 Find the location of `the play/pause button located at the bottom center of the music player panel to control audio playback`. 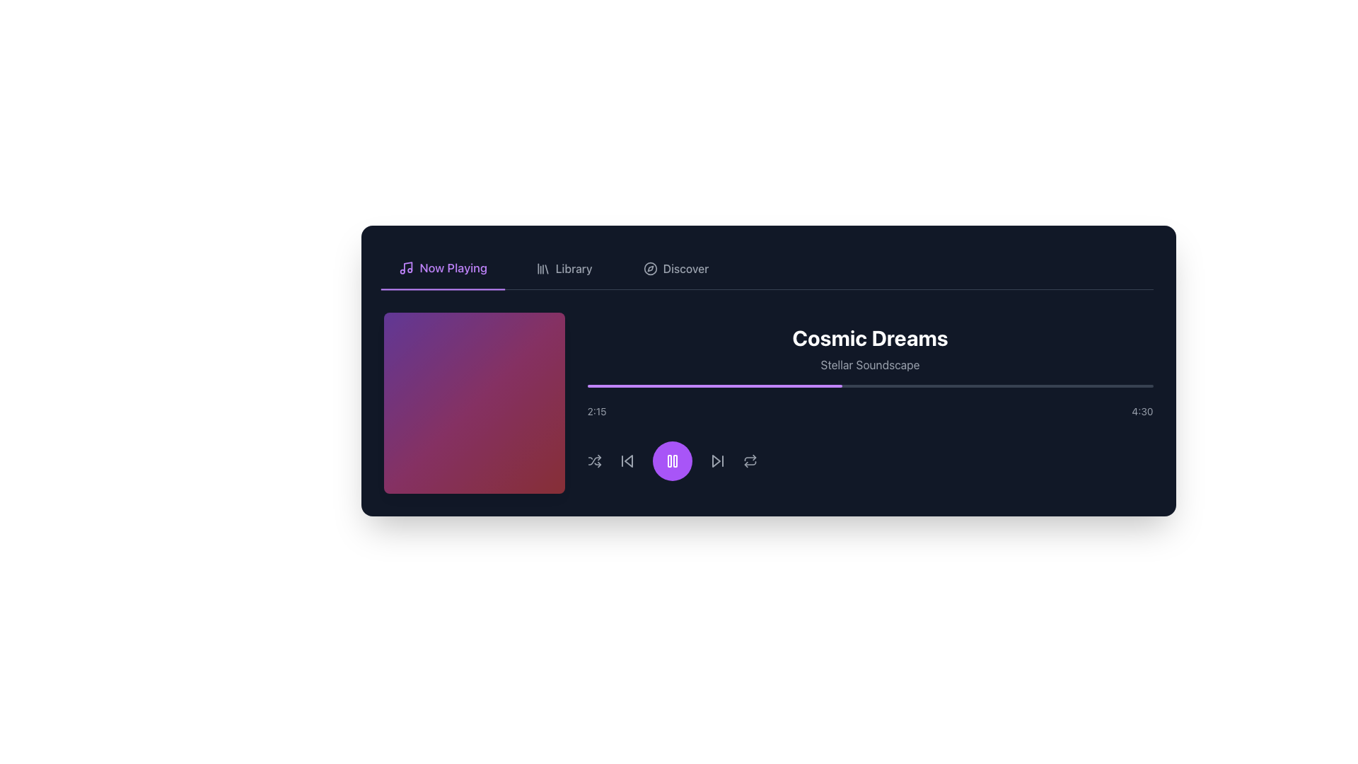

the play/pause button located at the bottom center of the music player panel to control audio playback is located at coordinates (671, 461).